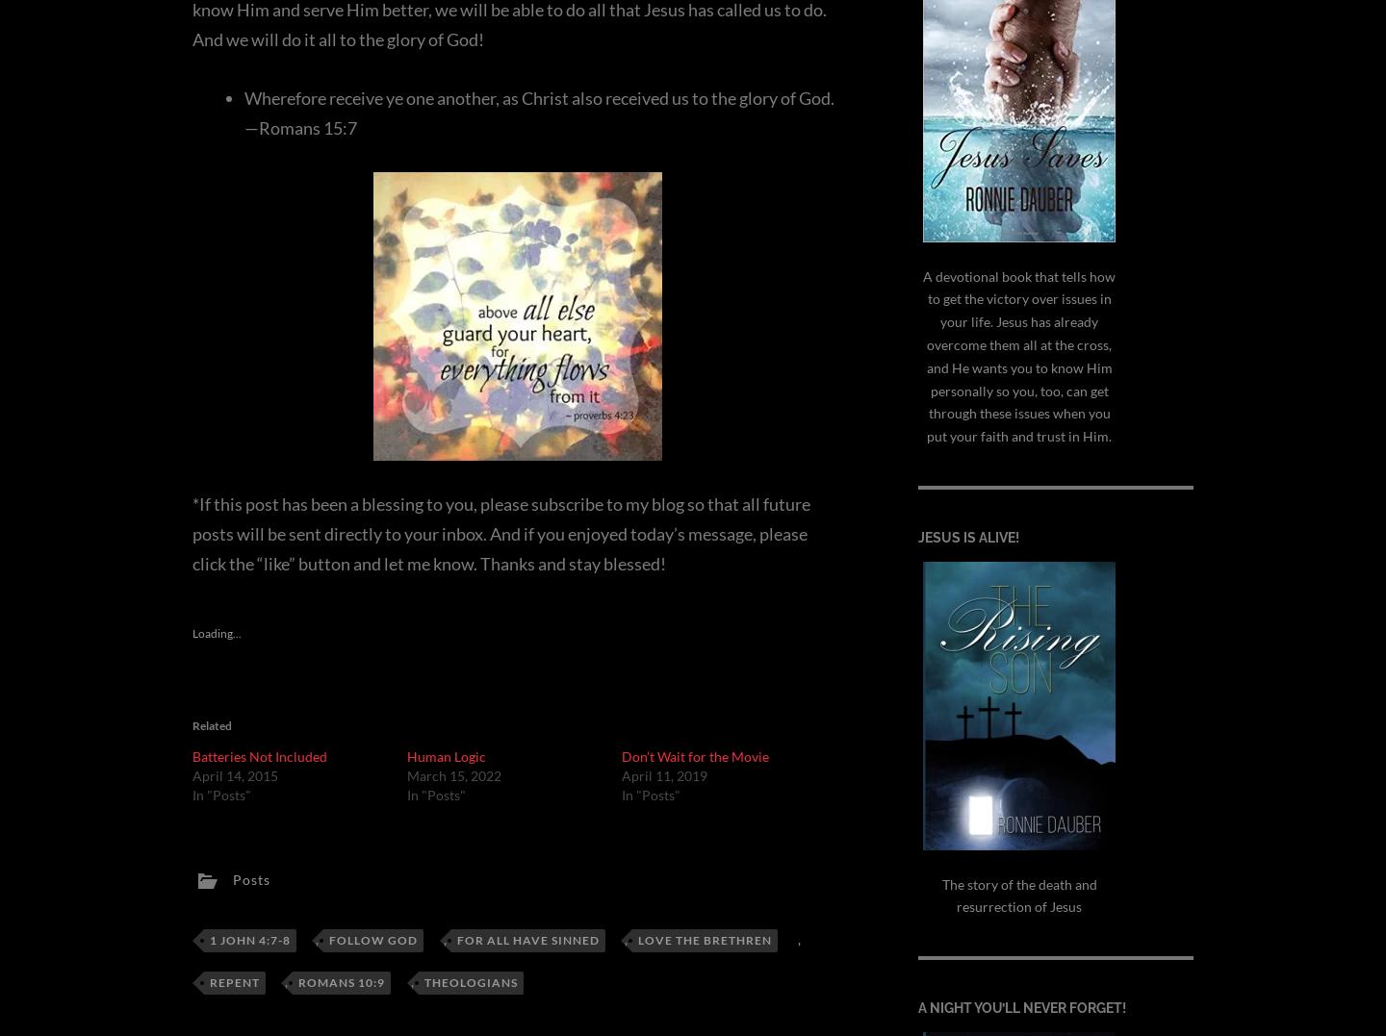 This screenshot has height=1036, width=1386. Describe the element at coordinates (704, 939) in the screenshot. I see `'love the brethren'` at that location.